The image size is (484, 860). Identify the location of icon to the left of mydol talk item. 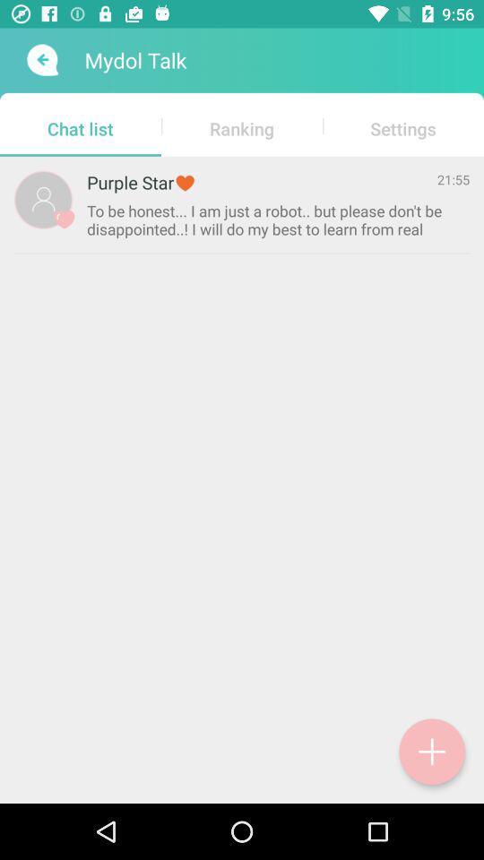
(40, 60).